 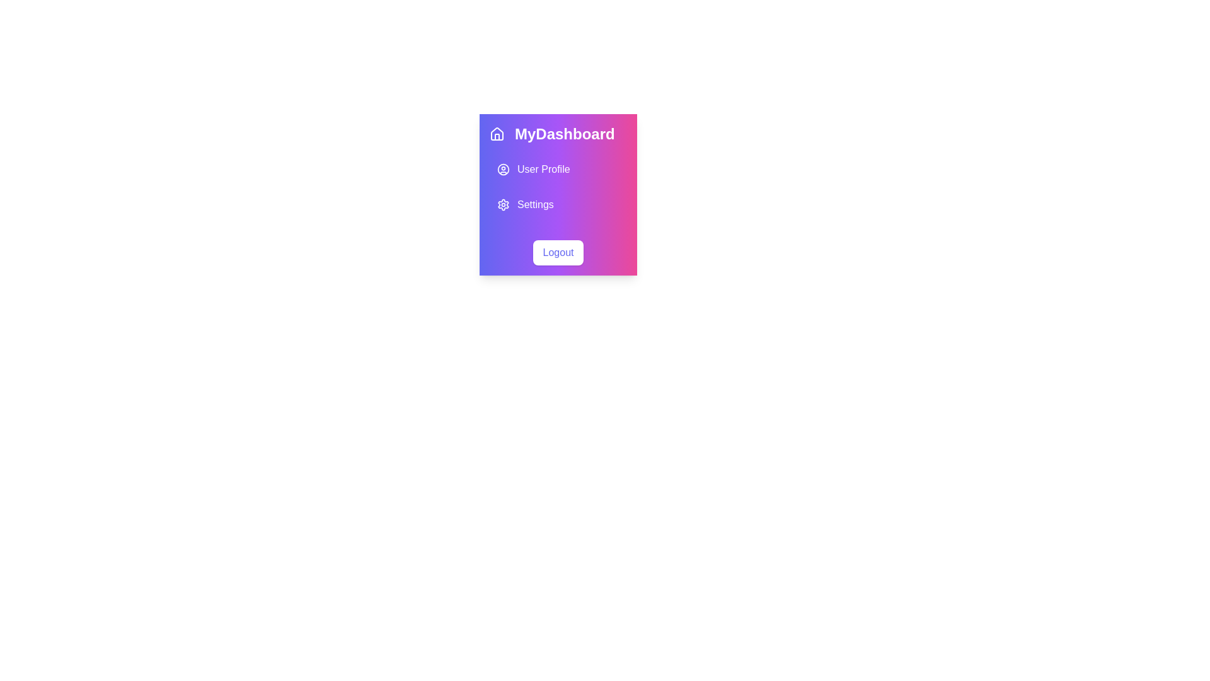 I want to click on the 'User Profile' menu item, which is the first entry in the vertical list below 'MyDashboard' and above 'Settings', so click(x=558, y=169).